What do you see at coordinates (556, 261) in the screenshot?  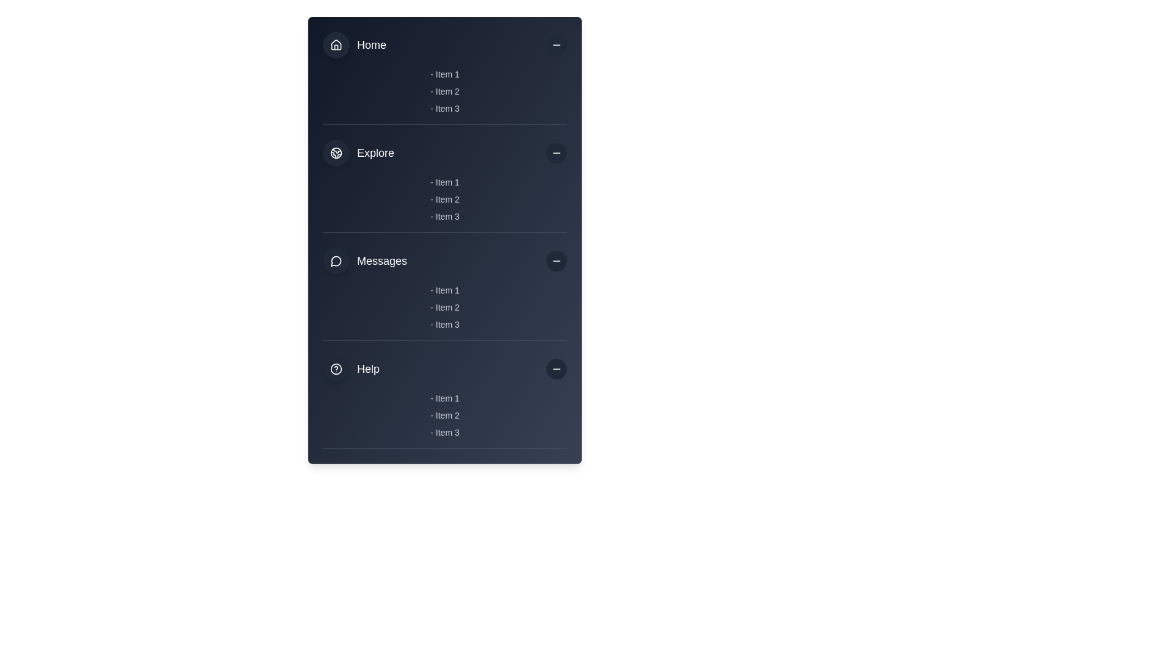 I see `the collapse button located at the far-right end of the 'Messages' row in the navigation menu to hide the details of the 'Messages' section` at bounding box center [556, 261].